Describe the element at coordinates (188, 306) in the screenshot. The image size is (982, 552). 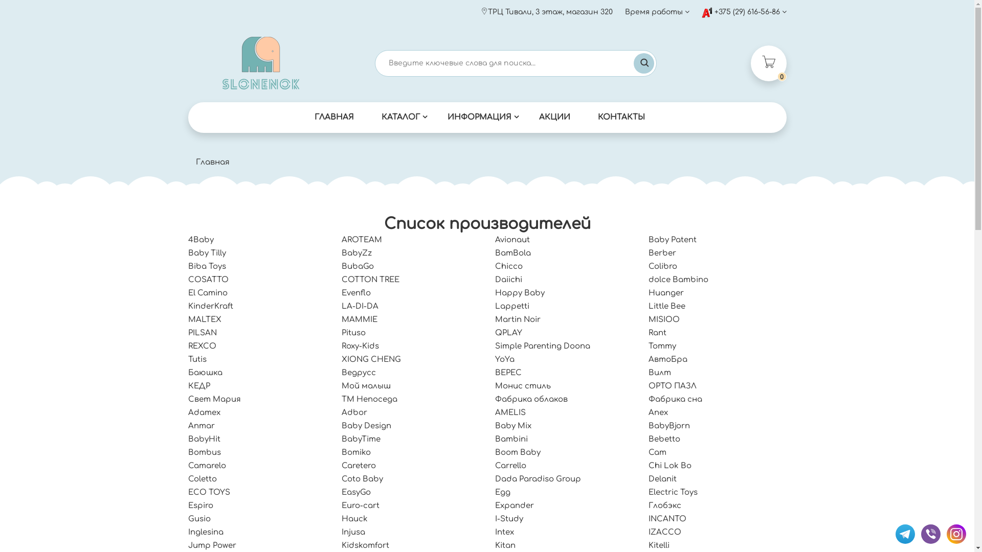
I see `'KinderKraft'` at that location.